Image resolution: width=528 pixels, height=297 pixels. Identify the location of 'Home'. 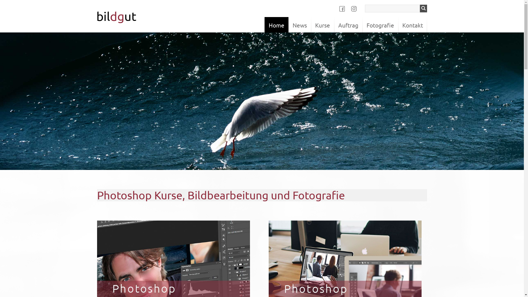
(264, 24).